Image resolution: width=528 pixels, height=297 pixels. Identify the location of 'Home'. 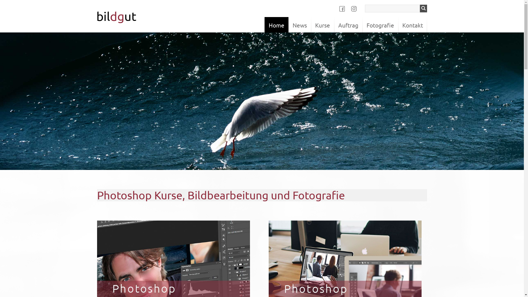
(264, 24).